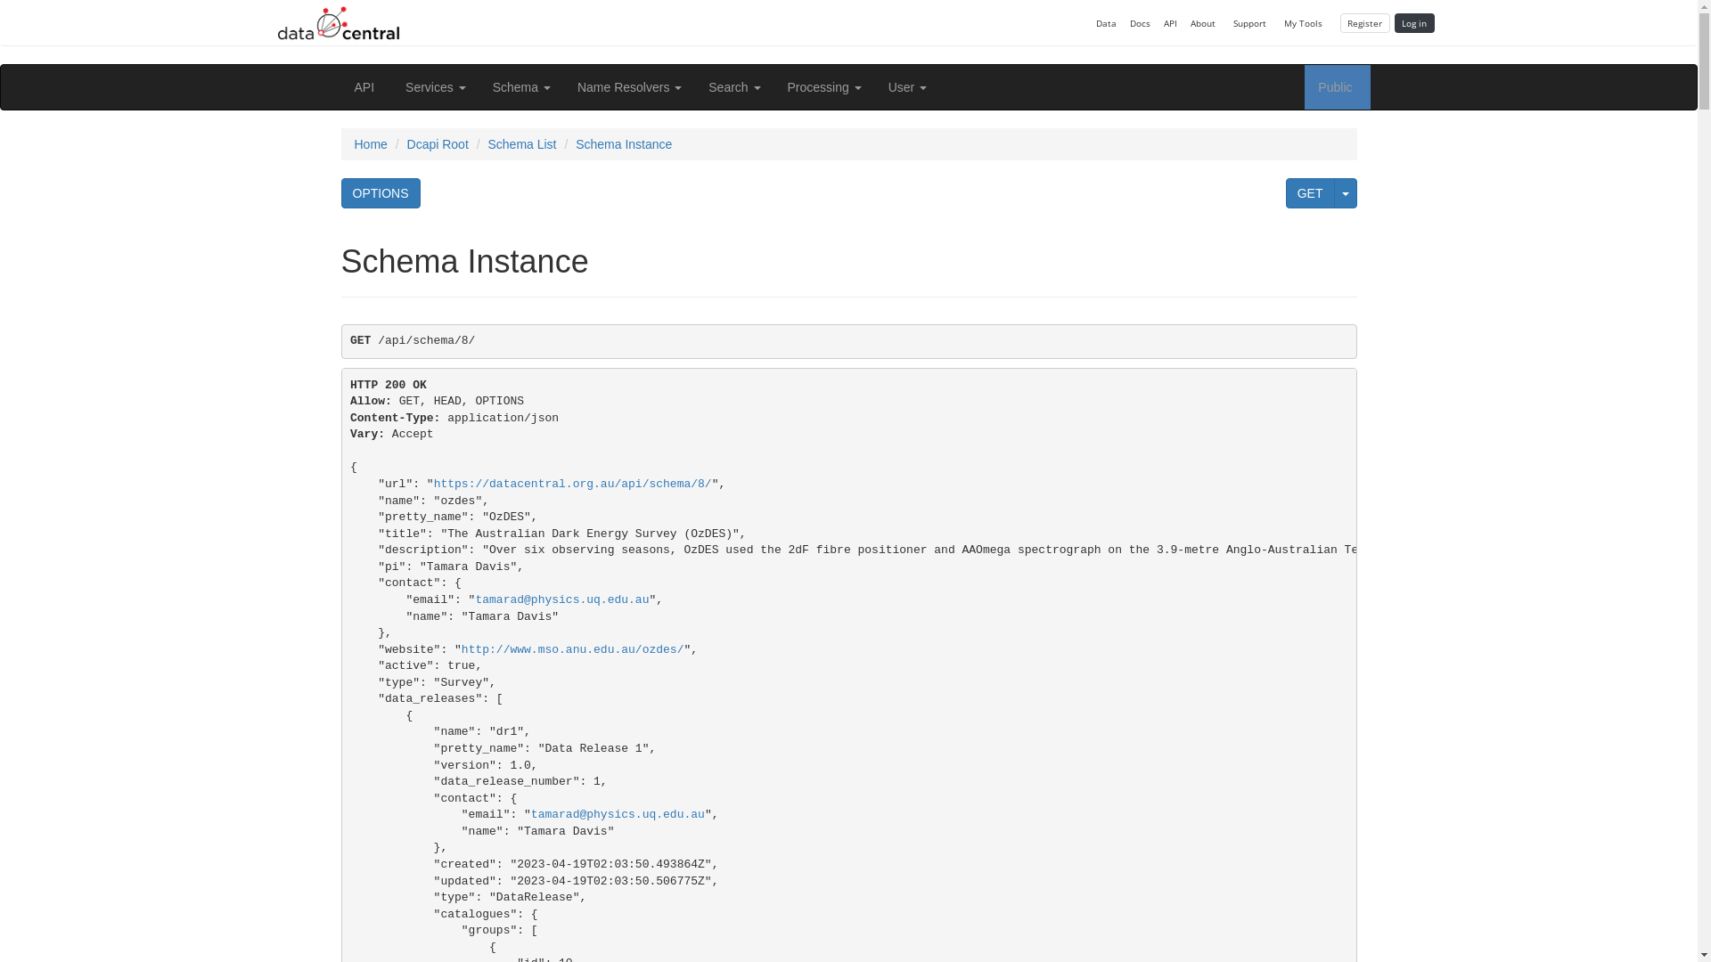 The height and width of the screenshot is (962, 1711). Describe the element at coordinates (629, 86) in the screenshot. I see `'Name Resolvers'` at that location.